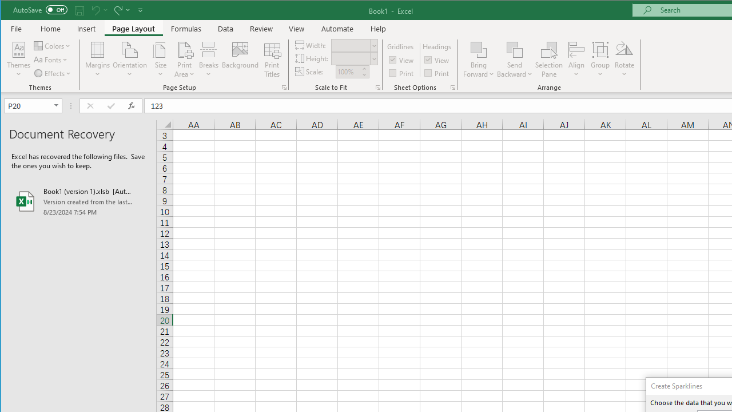  Describe the element at coordinates (624, 60) in the screenshot. I see `'Rotate'` at that location.